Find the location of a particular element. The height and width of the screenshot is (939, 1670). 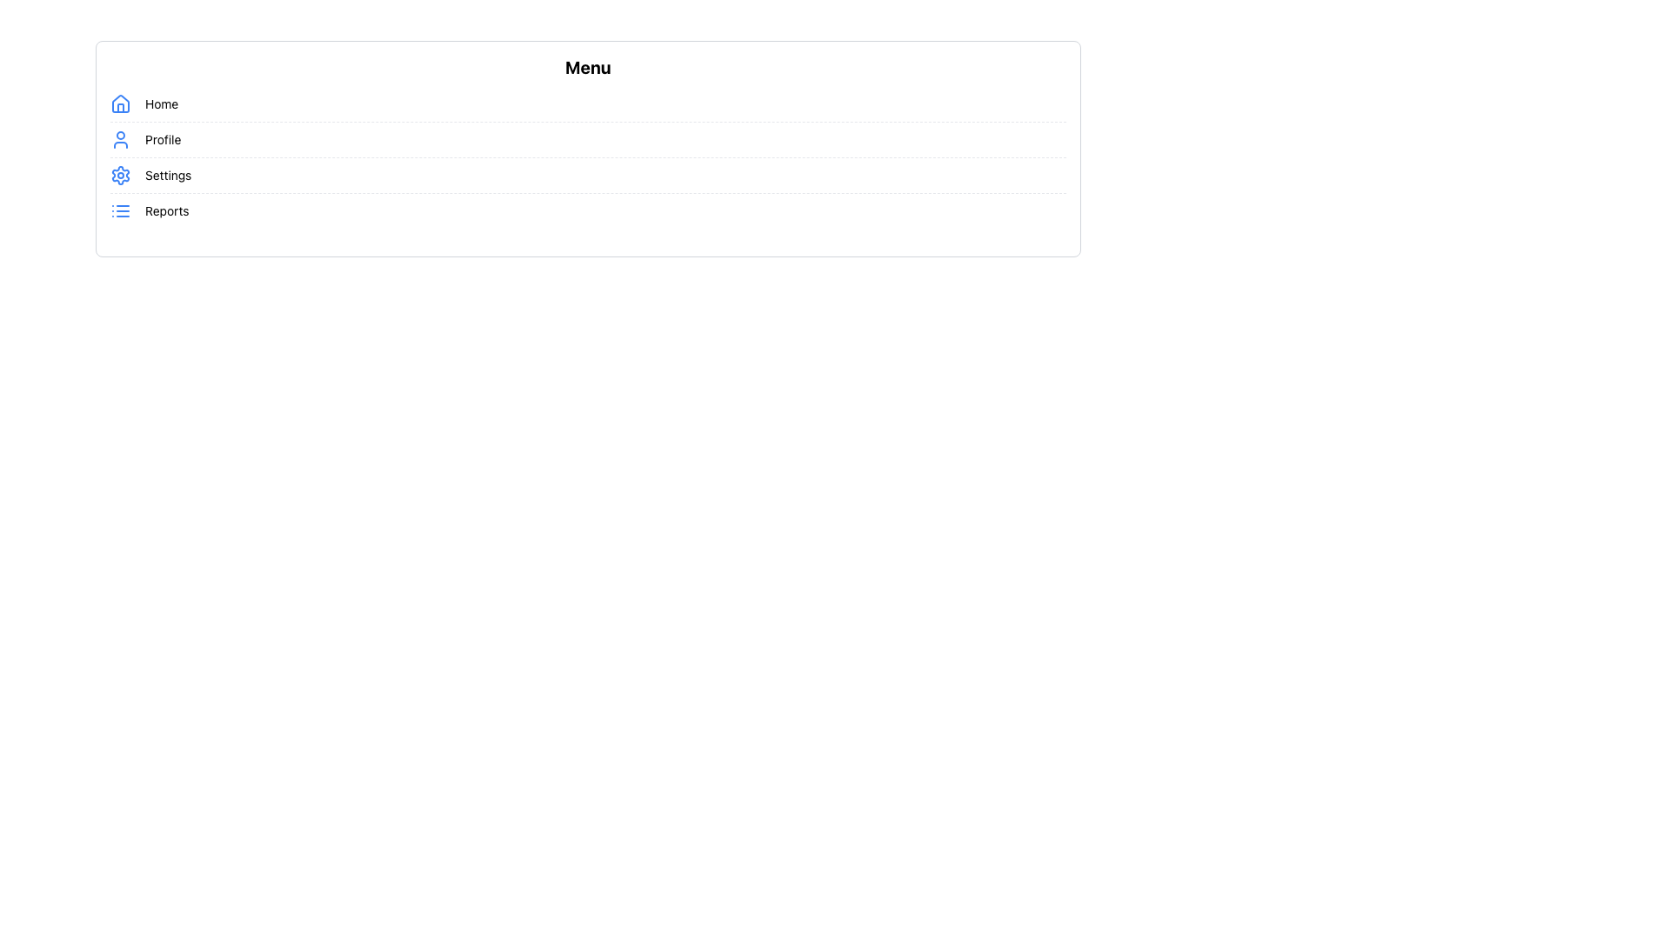

the blue outline icon of a user's head and shoulders, which is the leftmost icon is located at coordinates (120, 139).